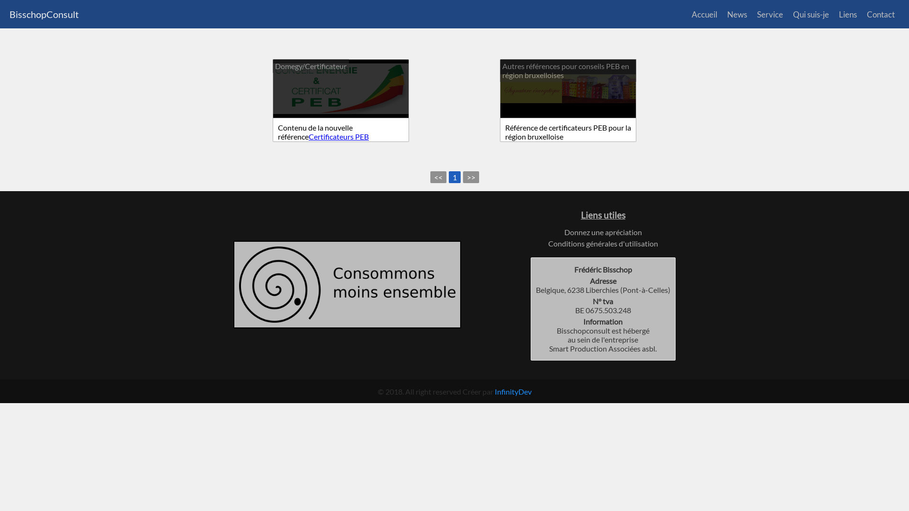  Describe the element at coordinates (810, 14) in the screenshot. I see `'Qui suis-je'` at that location.